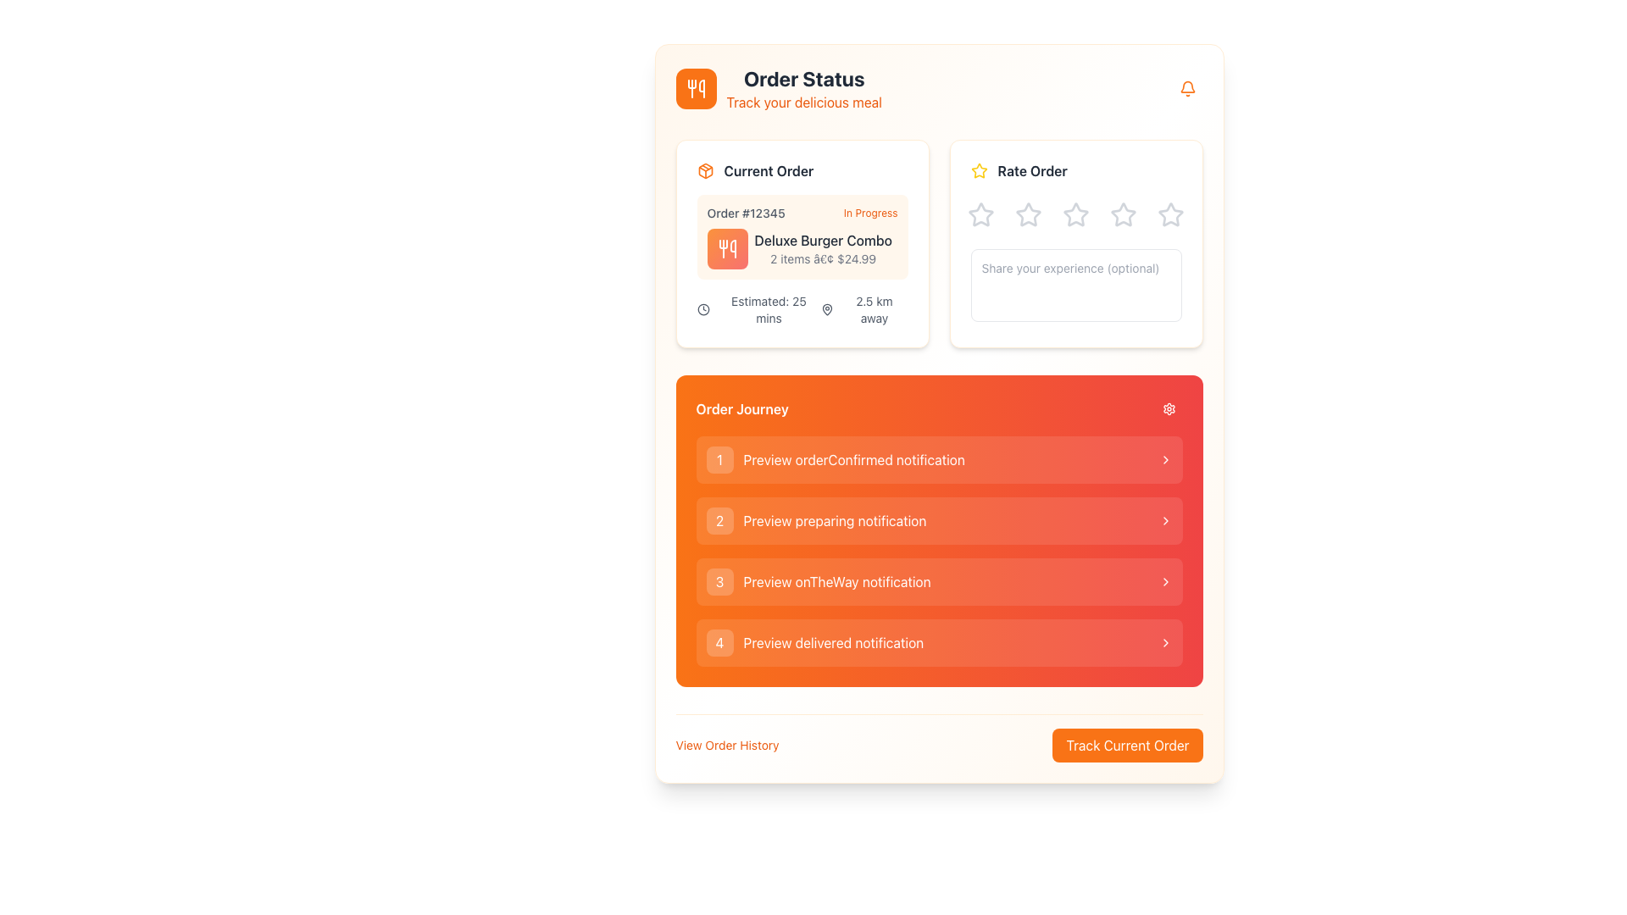  I want to click on the interactive entries in the 'Order Journey' list, so click(938, 530).